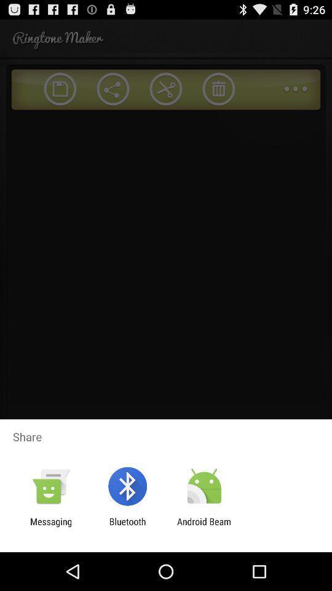 This screenshot has height=591, width=332. Describe the element at coordinates (50, 526) in the screenshot. I see `messaging item` at that location.